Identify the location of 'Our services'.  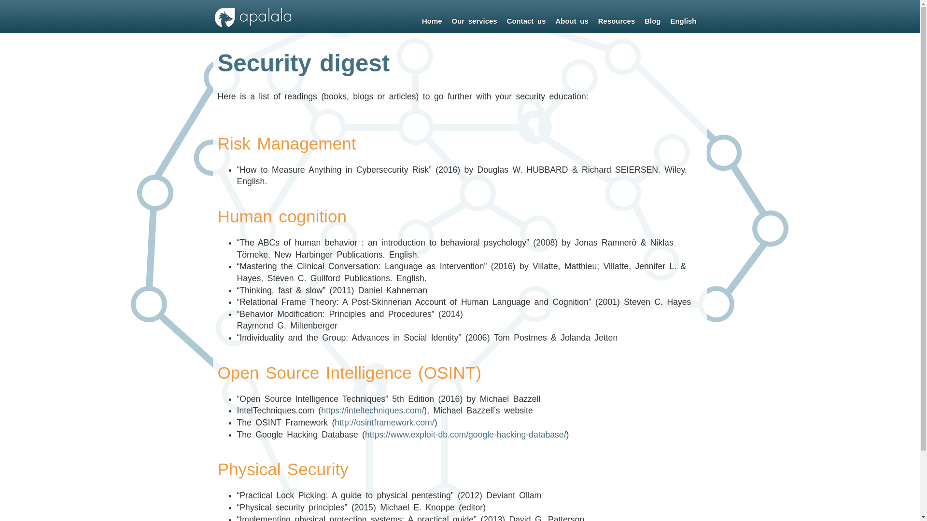
(447, 21).